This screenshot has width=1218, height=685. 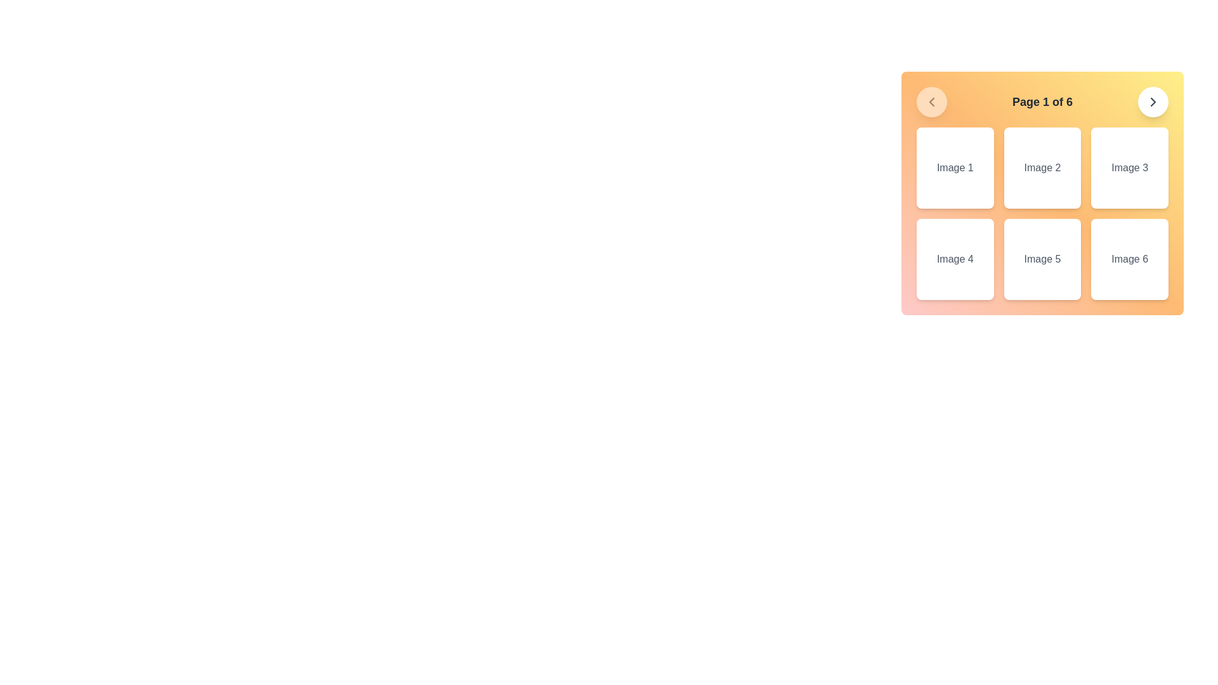 What do you see at coordinates (931, 101) in the screenshot?
I see `the back navigation icon located in the left circular control of the panel's header, positioned to the left of the text 'Page 1 of 6'` at bounding box center [931, 101].